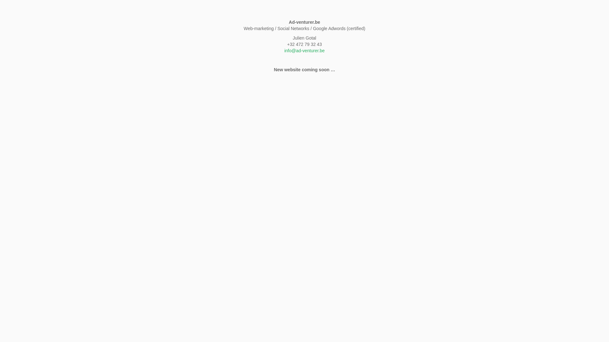  I want to click on 'info@ad-venturer.be', so click(284, 50).